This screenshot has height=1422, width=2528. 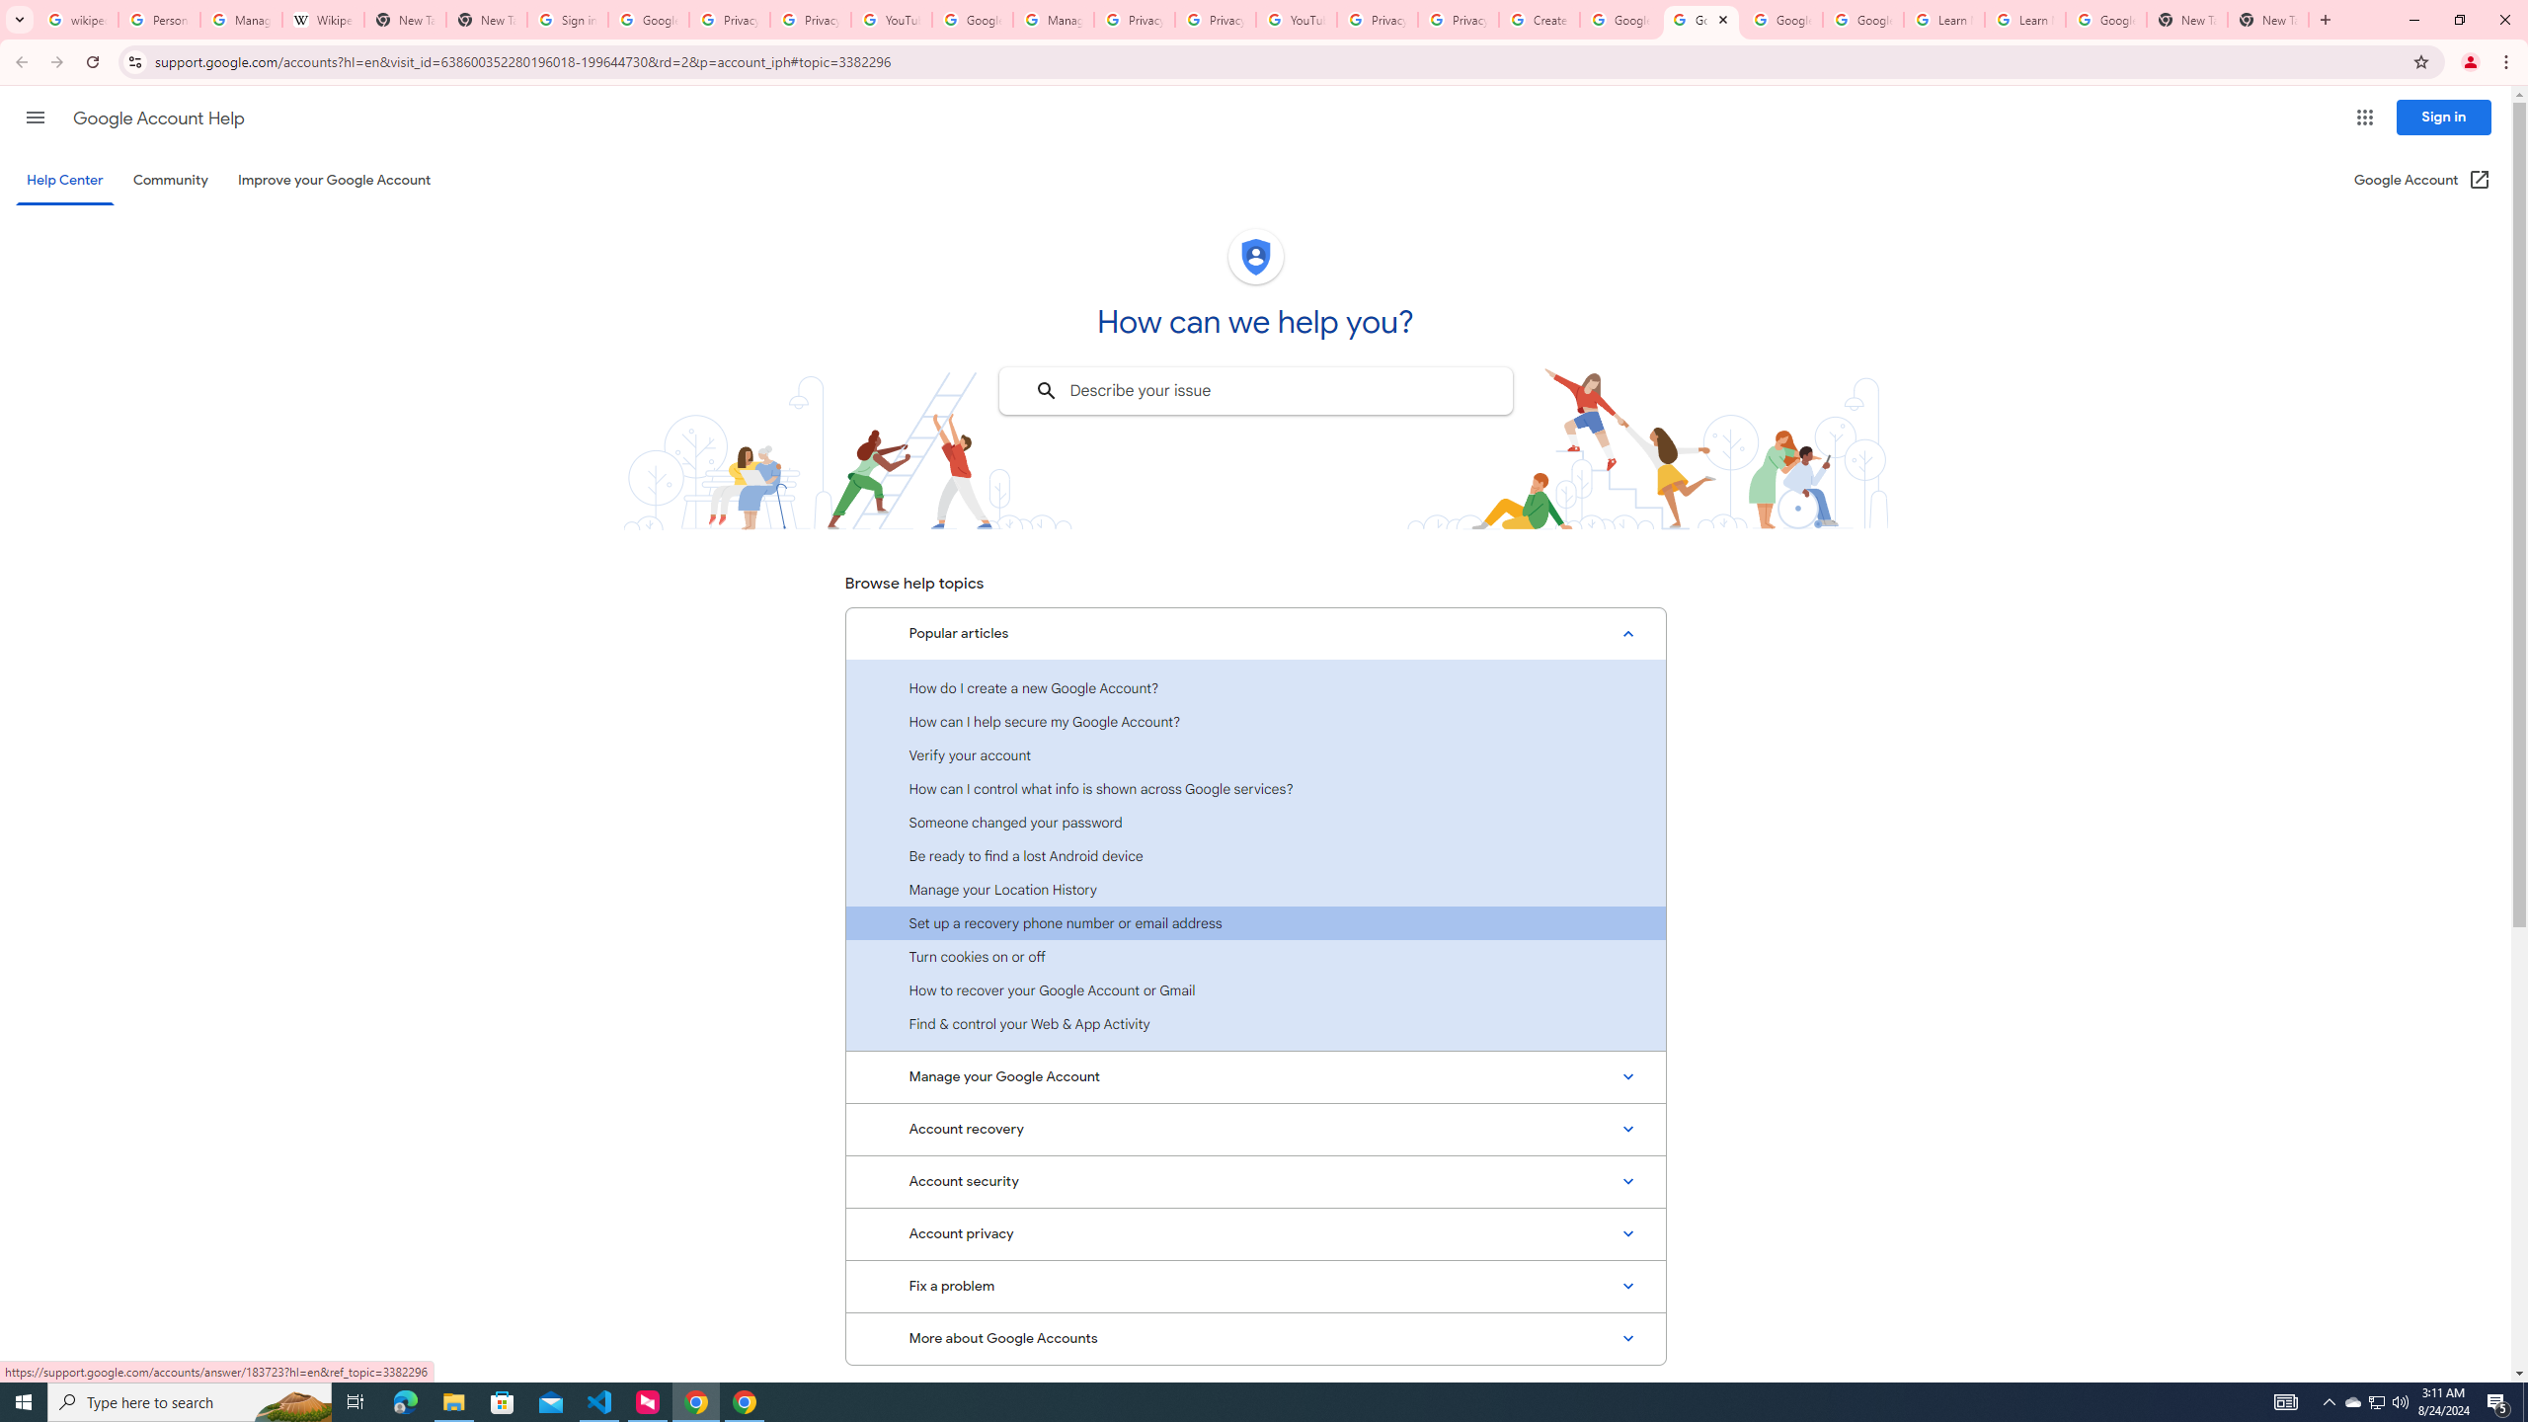 What do you see at coordinates (1255, 1128) in the screenshot?
I see `'Account recovery'` at bounding box center [1255, 1128].